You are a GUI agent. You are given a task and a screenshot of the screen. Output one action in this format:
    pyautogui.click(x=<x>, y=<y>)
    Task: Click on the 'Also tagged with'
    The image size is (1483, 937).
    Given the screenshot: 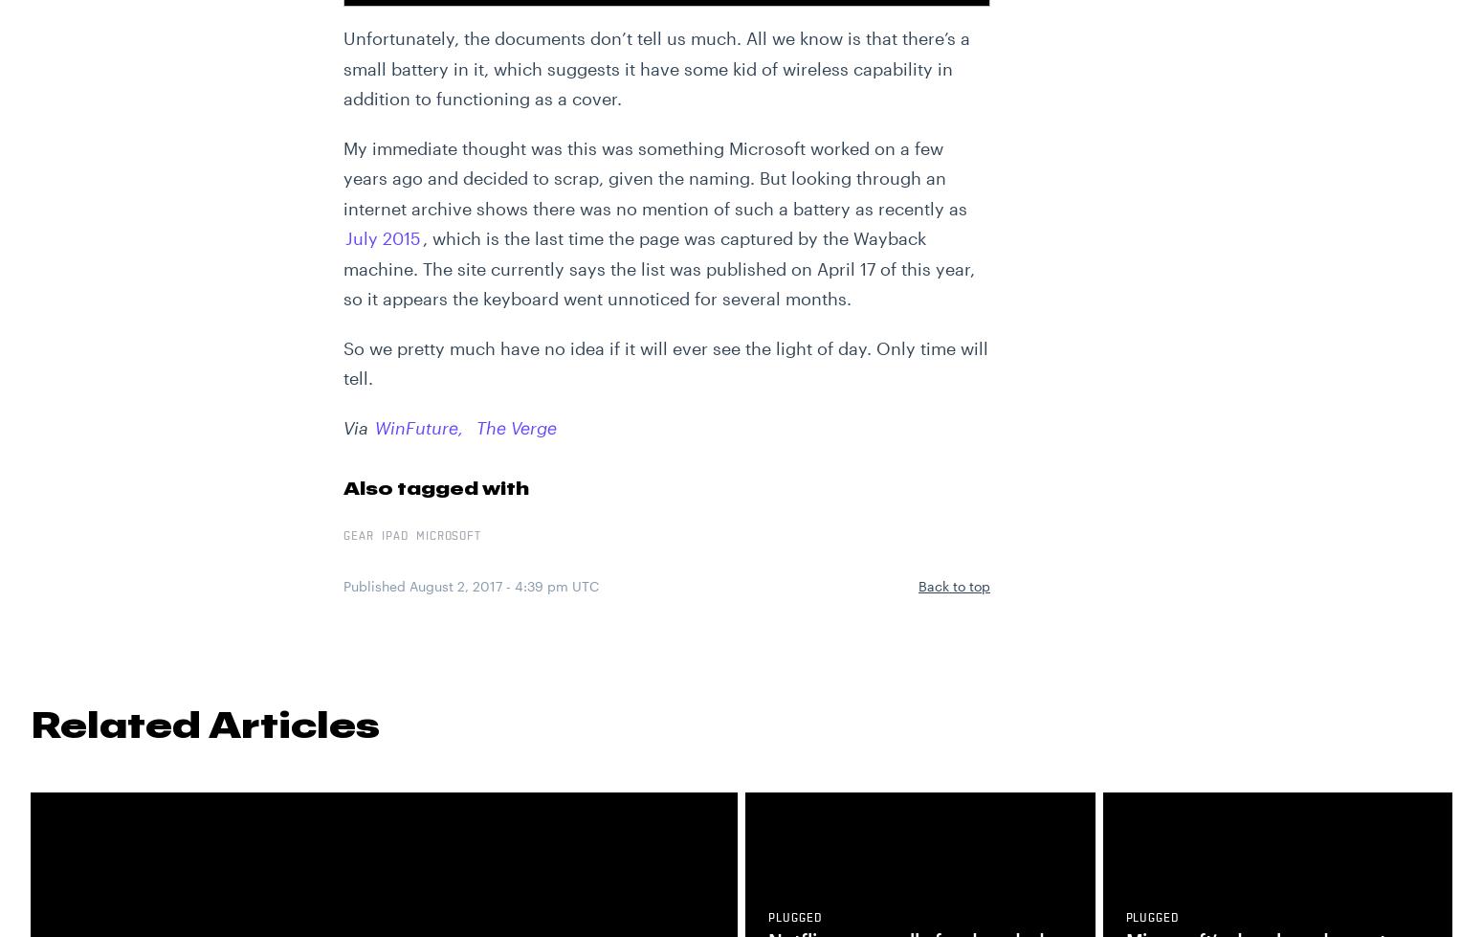 What is the action you would take?
    pyautogui.click(x=436, y=486)
    